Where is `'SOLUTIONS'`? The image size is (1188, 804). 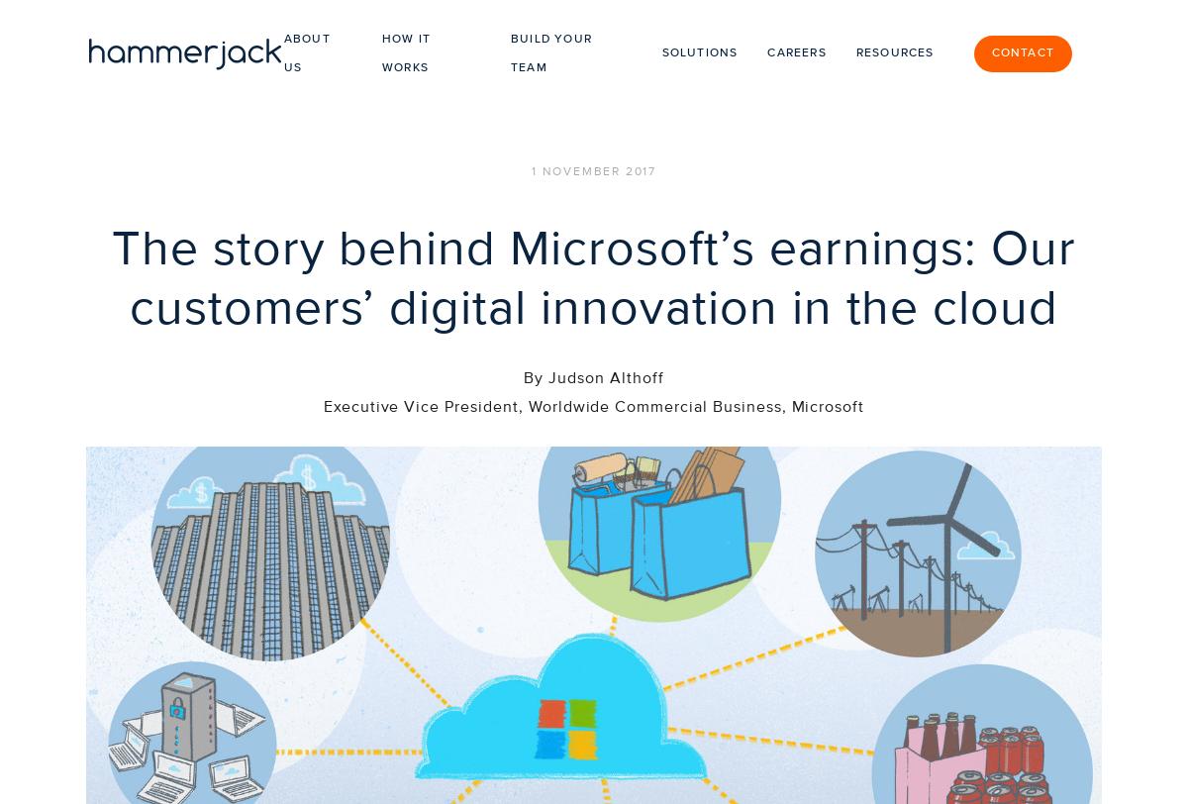
'SOLUTIONS' is located at coordinates (470, 735).